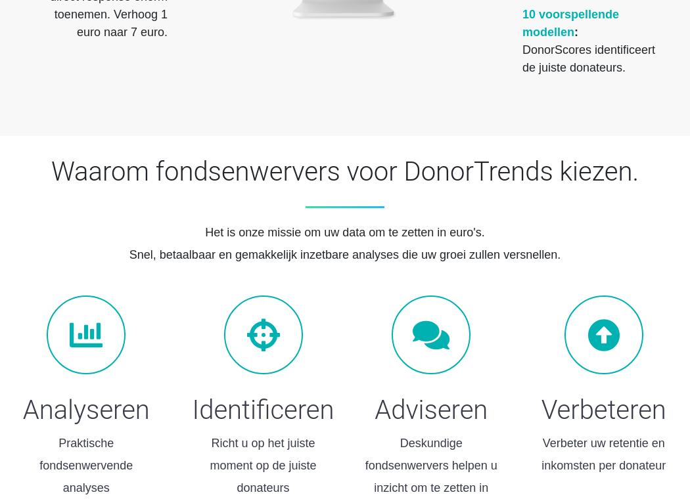 This screenshot has height=501, width=690. Describe the element at coordinates (85, 464) in the screenshot. I see `'Praktische fondsenwervende analyses'` at that location.